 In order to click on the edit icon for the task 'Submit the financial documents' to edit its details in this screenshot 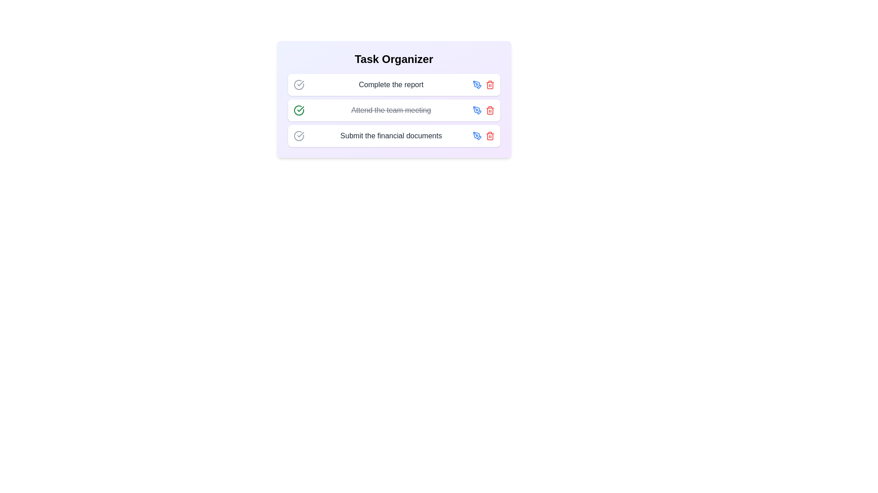, I will do `click(476, 136)`.